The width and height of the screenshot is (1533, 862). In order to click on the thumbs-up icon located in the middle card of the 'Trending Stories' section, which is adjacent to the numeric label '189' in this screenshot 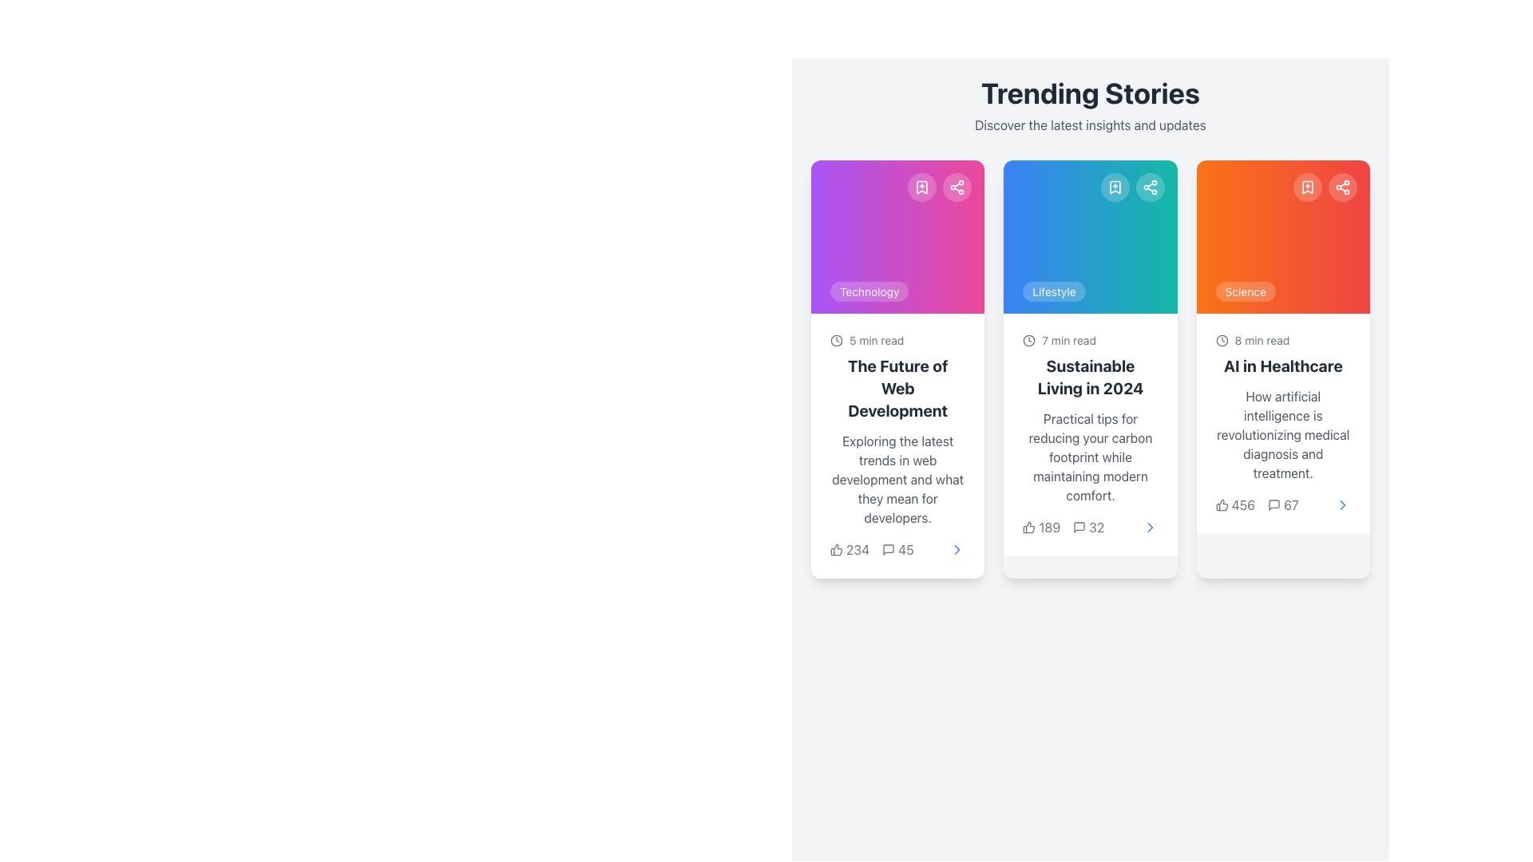, I will do `click(1029, 527)`.